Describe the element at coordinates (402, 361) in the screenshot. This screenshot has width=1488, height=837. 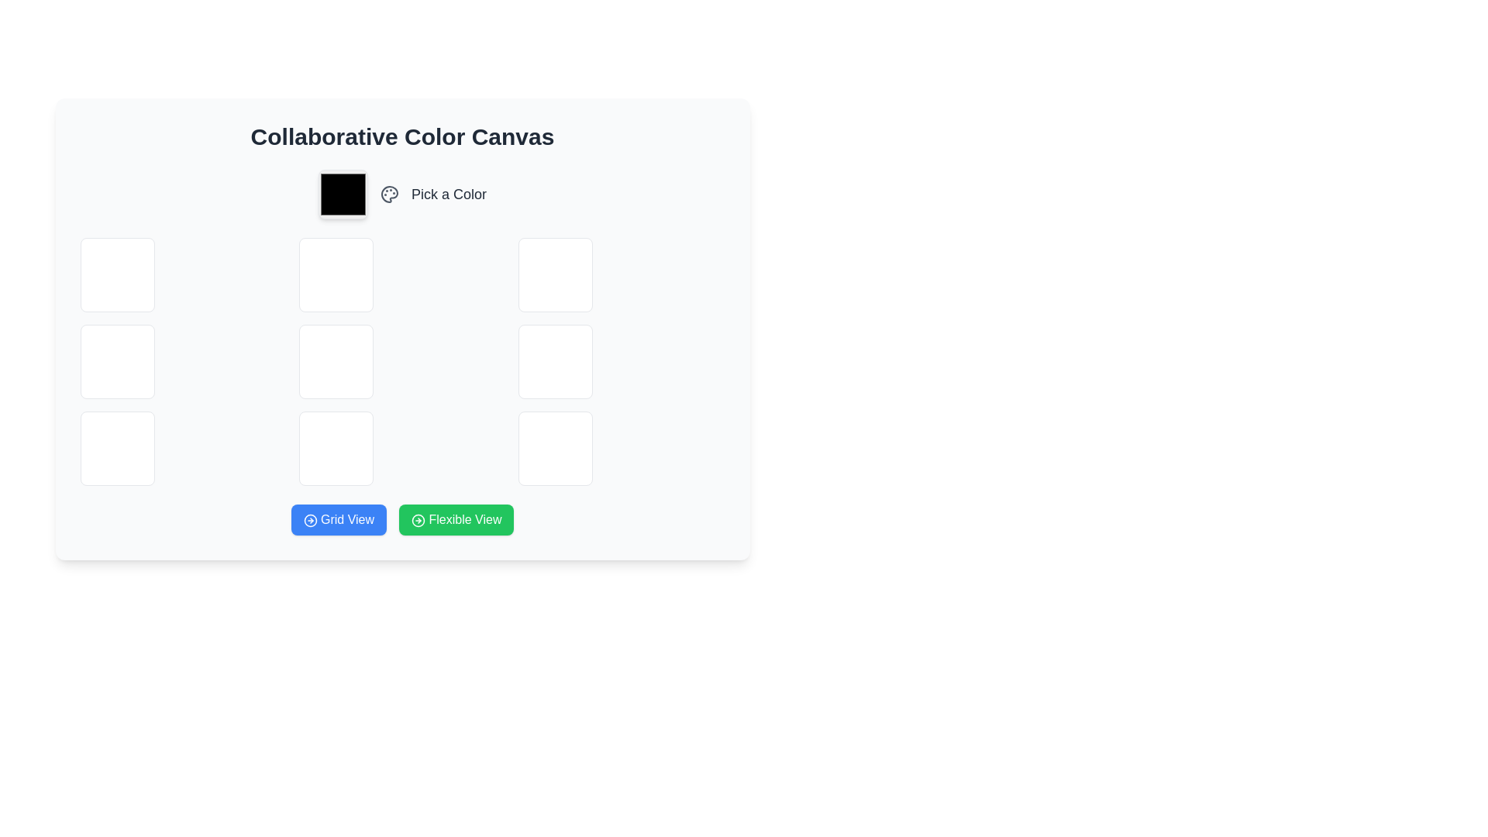
I see `the central grid element of the Collaborative Color Canvas` at that location.